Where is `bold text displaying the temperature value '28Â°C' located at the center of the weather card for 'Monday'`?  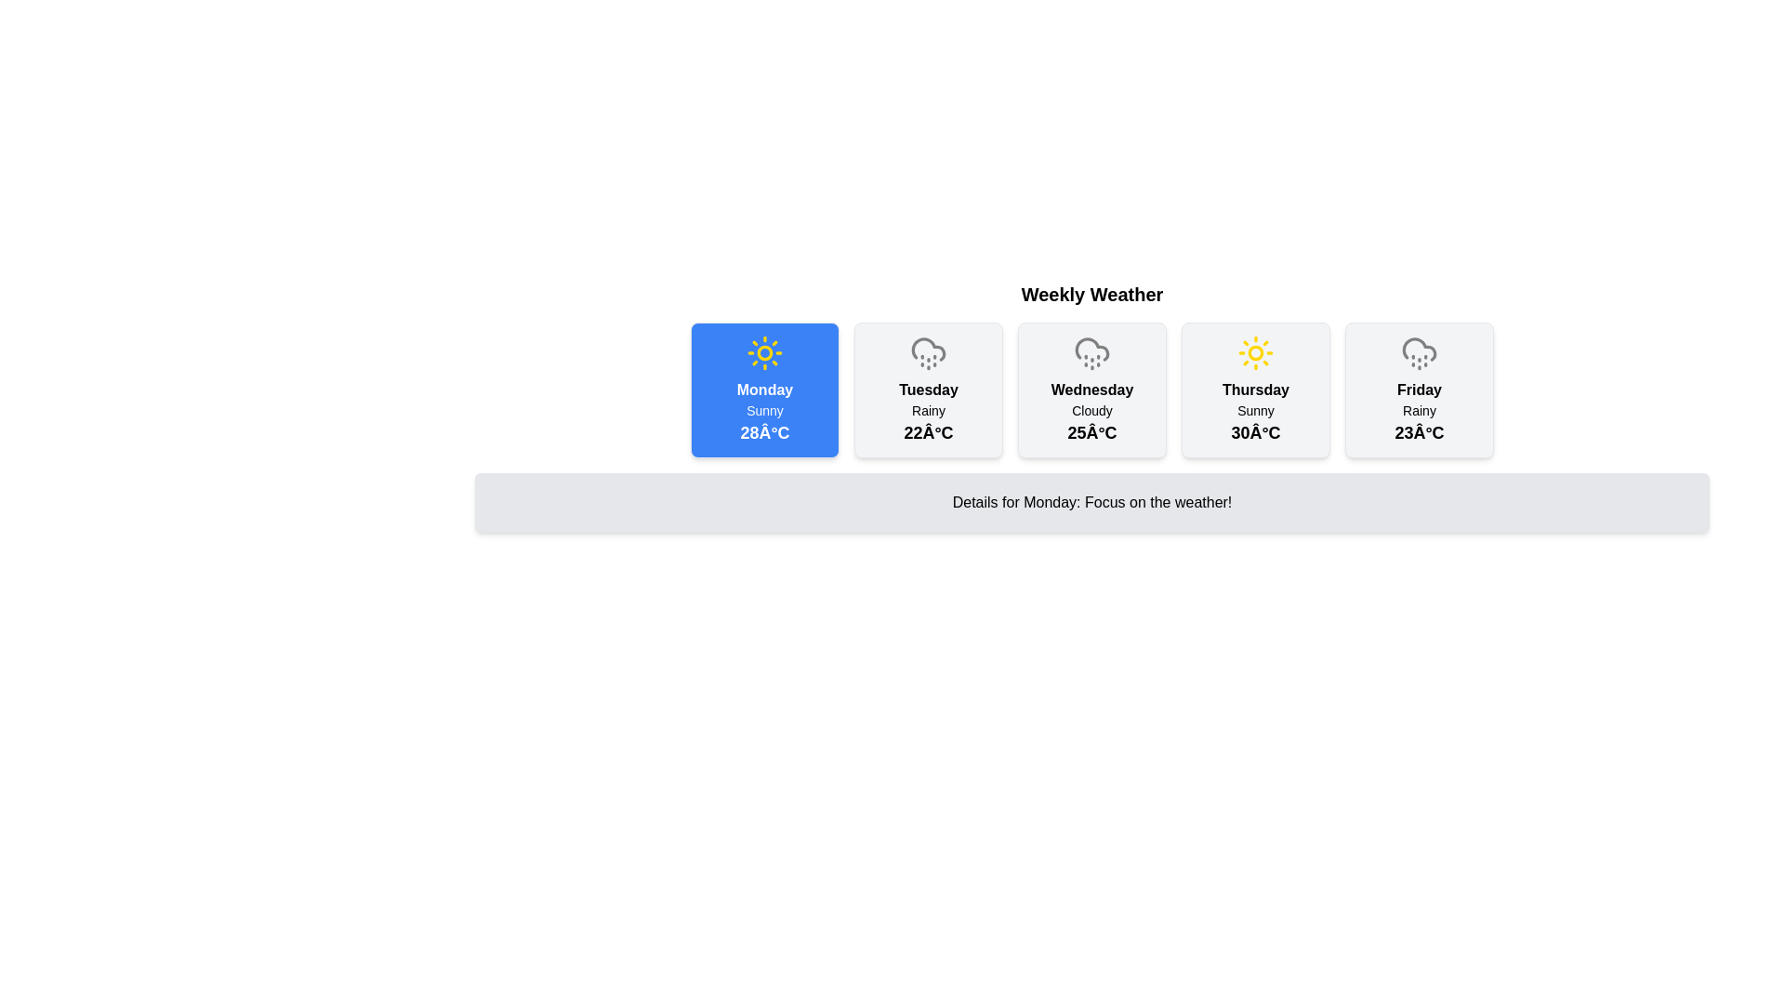
bold text displaying the temperature value '28Â°C' located at the center of the weather card for 'Monday' is located at coordinates (764, 433).